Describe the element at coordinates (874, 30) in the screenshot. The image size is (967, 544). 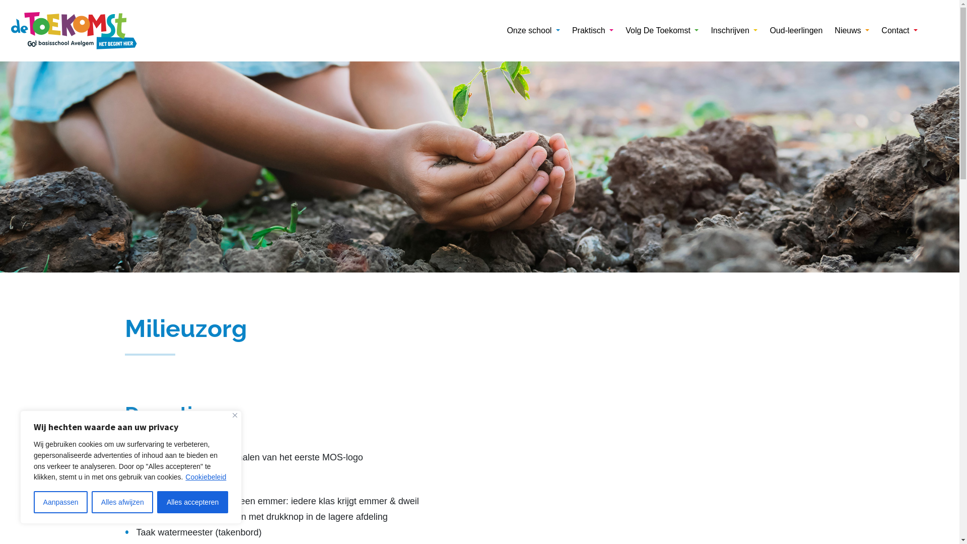
I see `'Contact'` at that location.